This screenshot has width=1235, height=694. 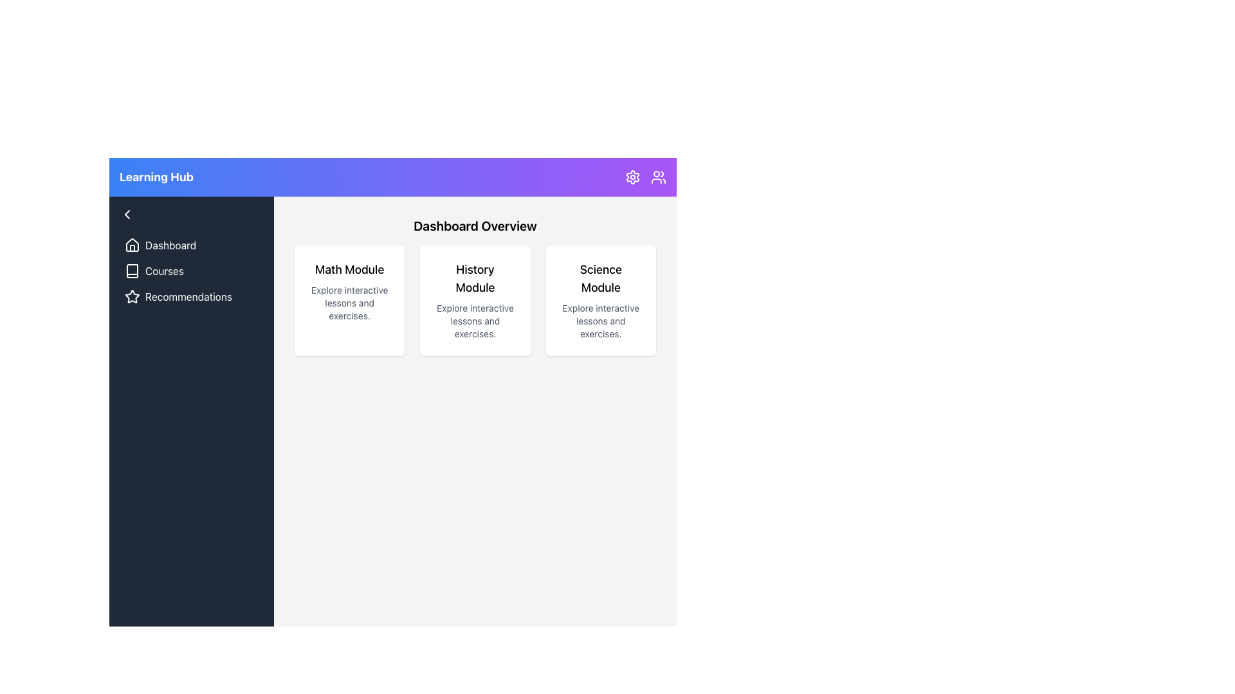 I want to click on the book icon in the navigation bar, so click(x=133, y=270).